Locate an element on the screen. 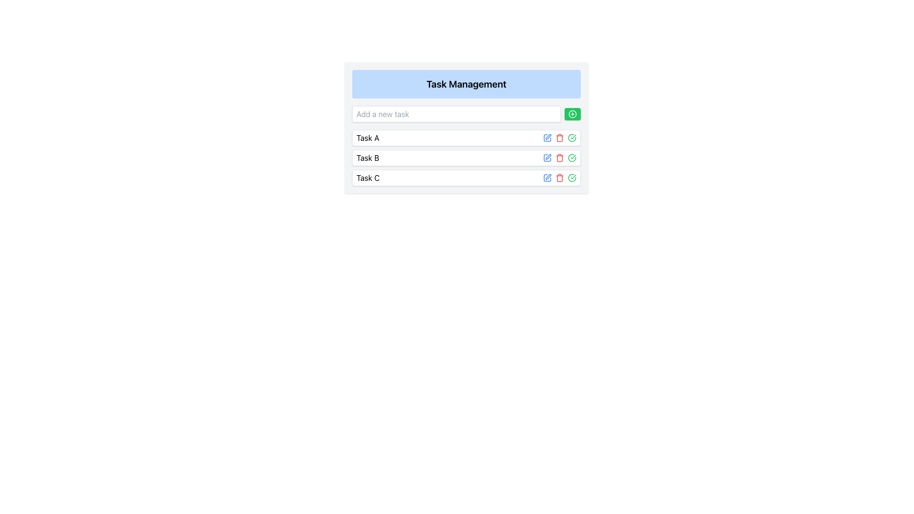  the delete button for 'Task A' is located at coordinates (560, 178).